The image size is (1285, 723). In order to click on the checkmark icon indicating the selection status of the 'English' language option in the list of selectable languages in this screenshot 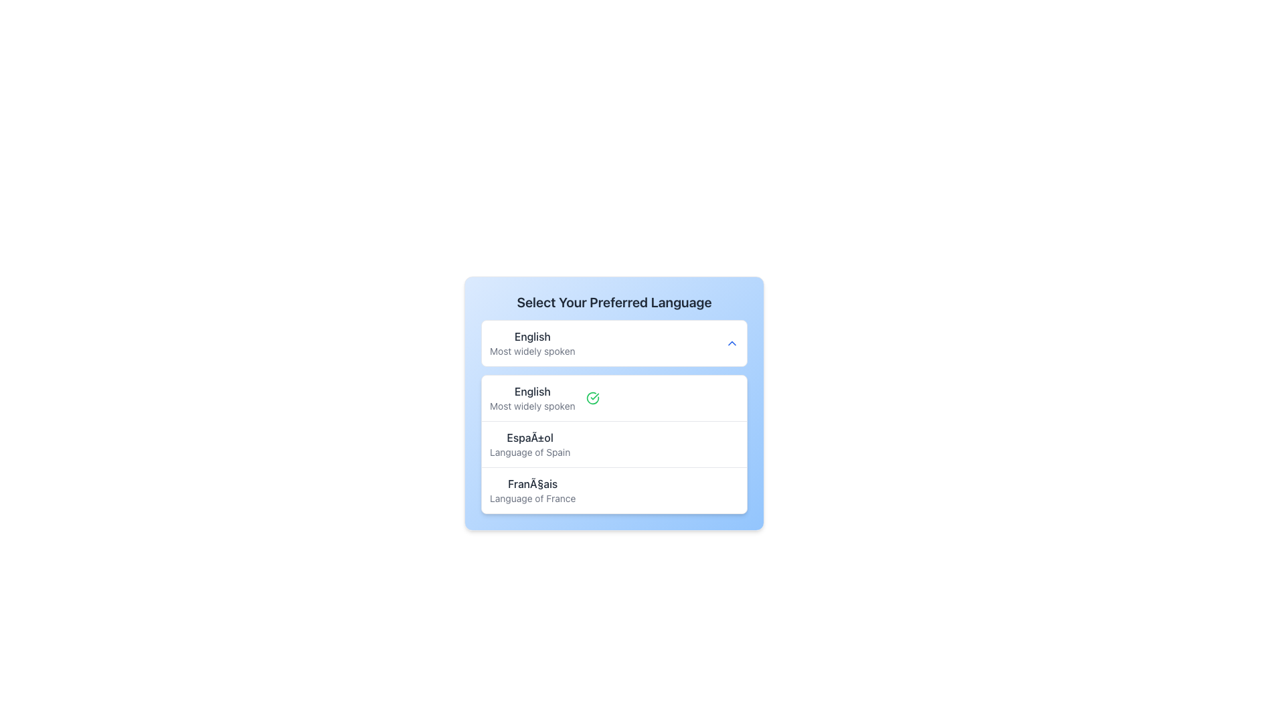, I will do `click(592, 397)`.